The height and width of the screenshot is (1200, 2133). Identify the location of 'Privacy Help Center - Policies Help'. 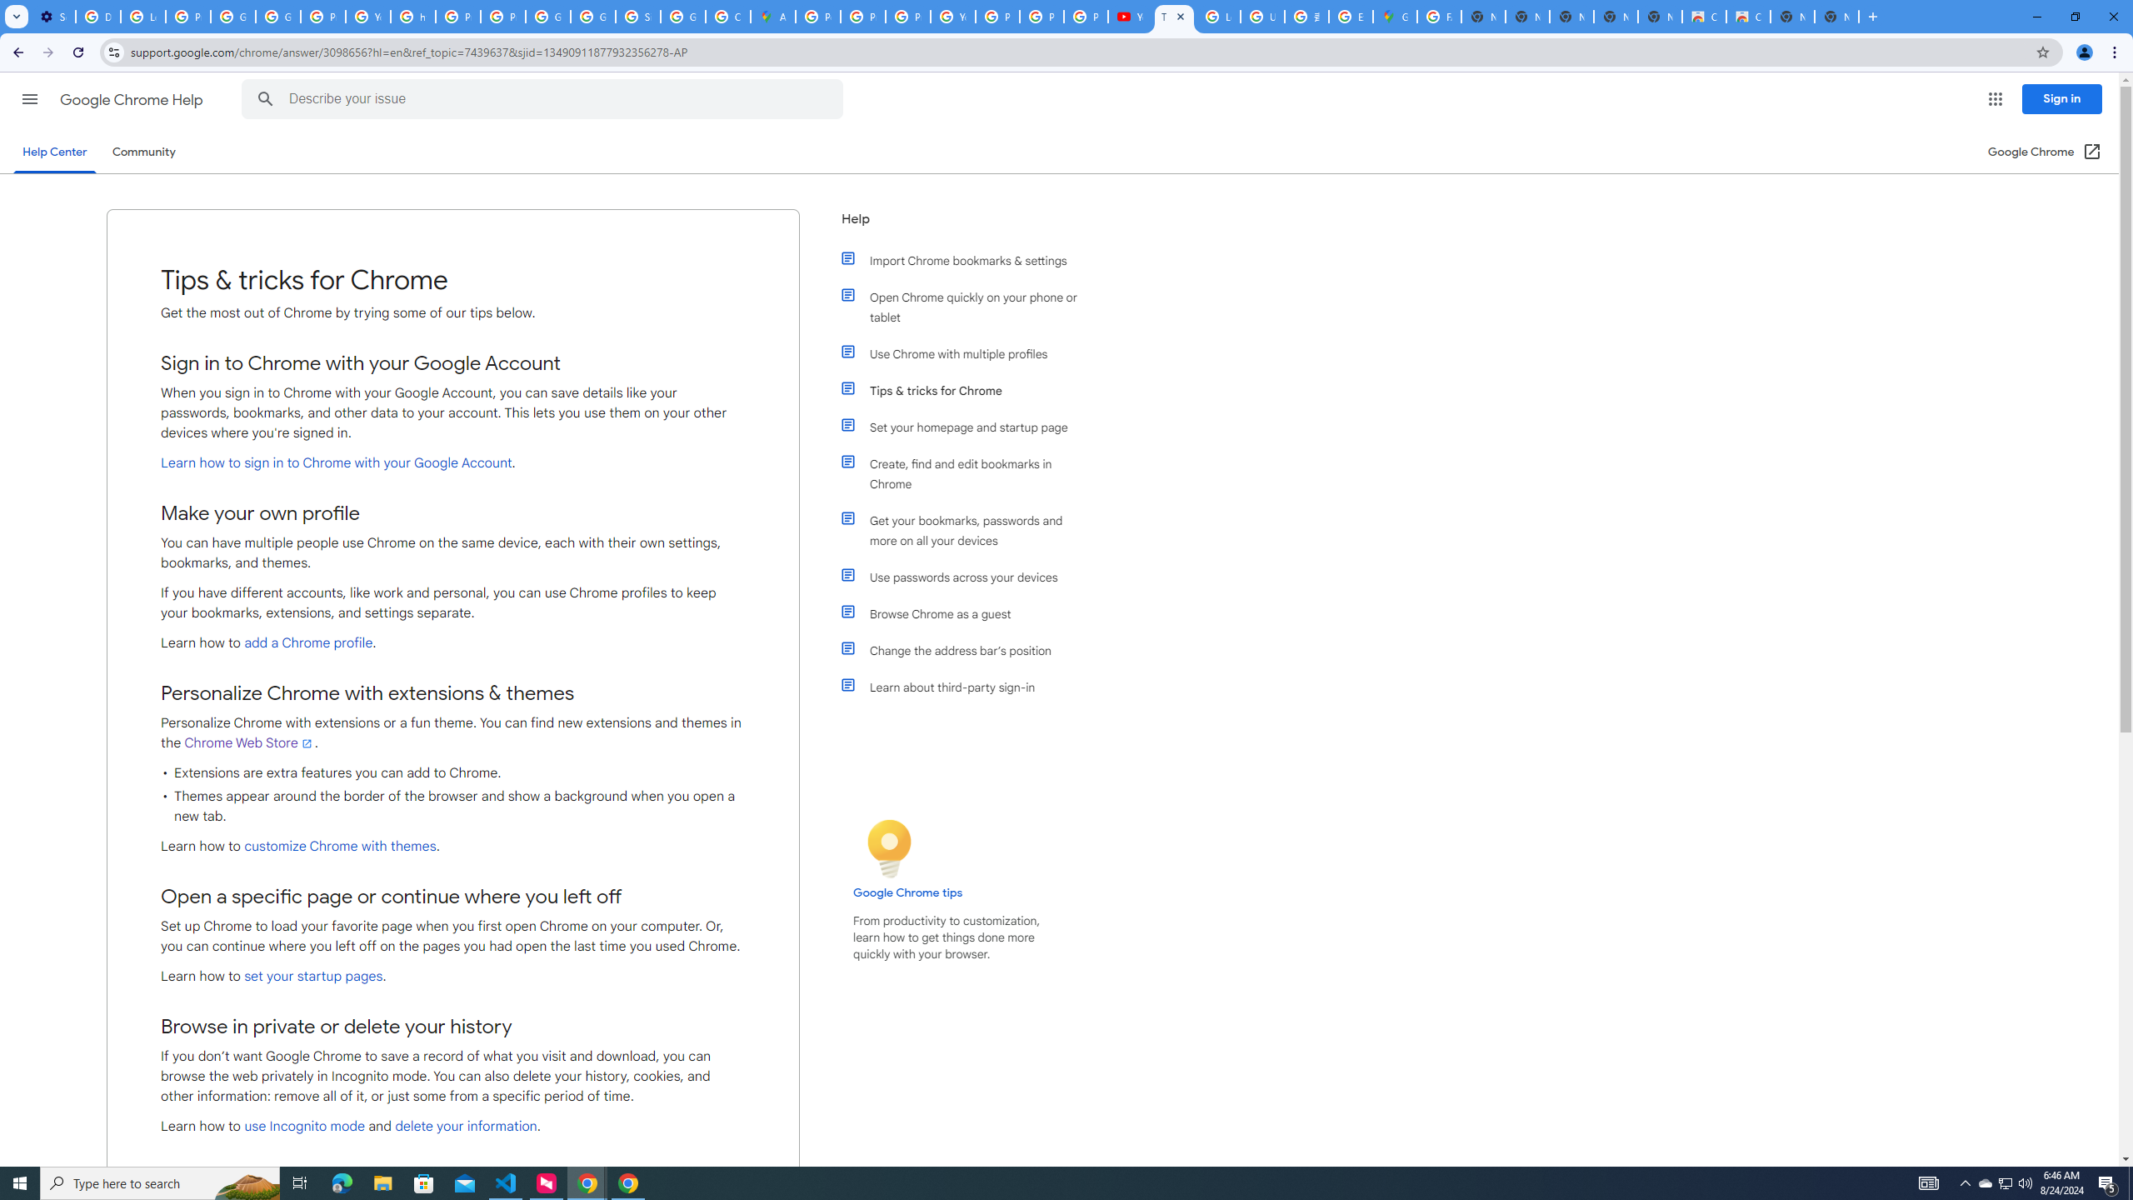
(907, 16).